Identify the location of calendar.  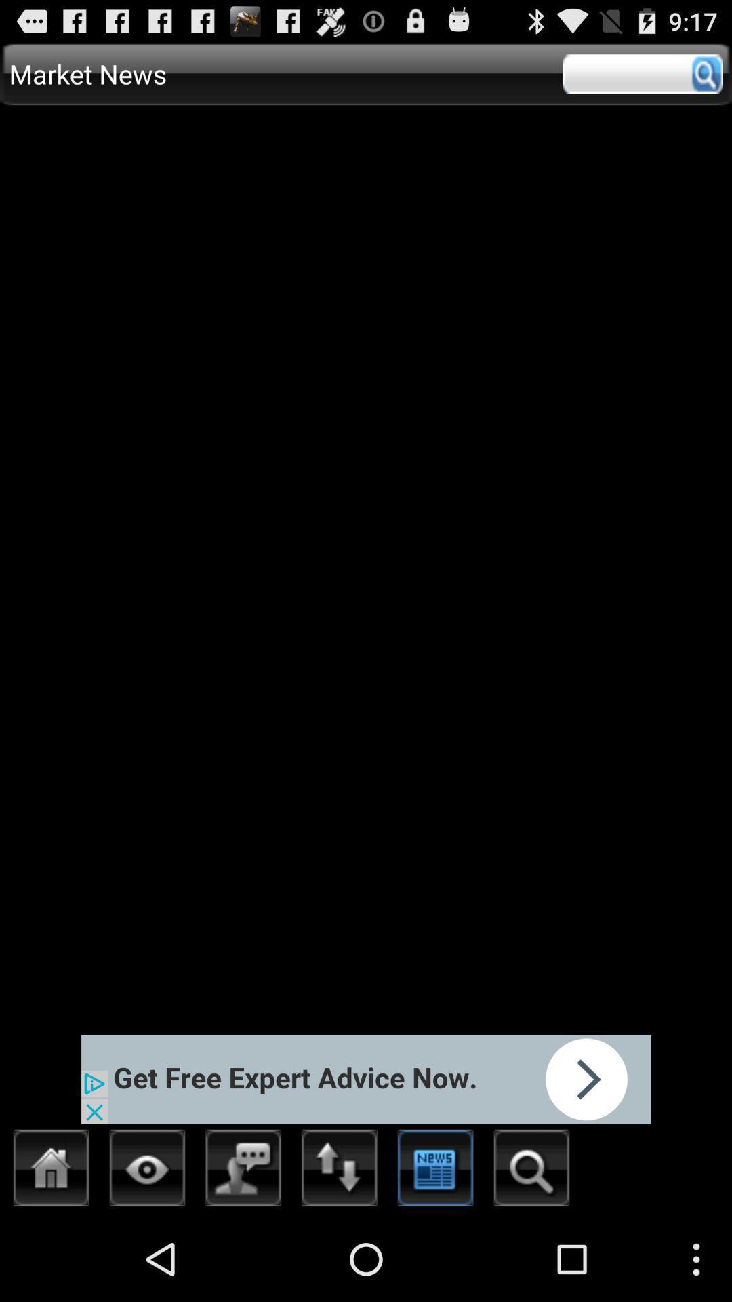
(436, 1171).